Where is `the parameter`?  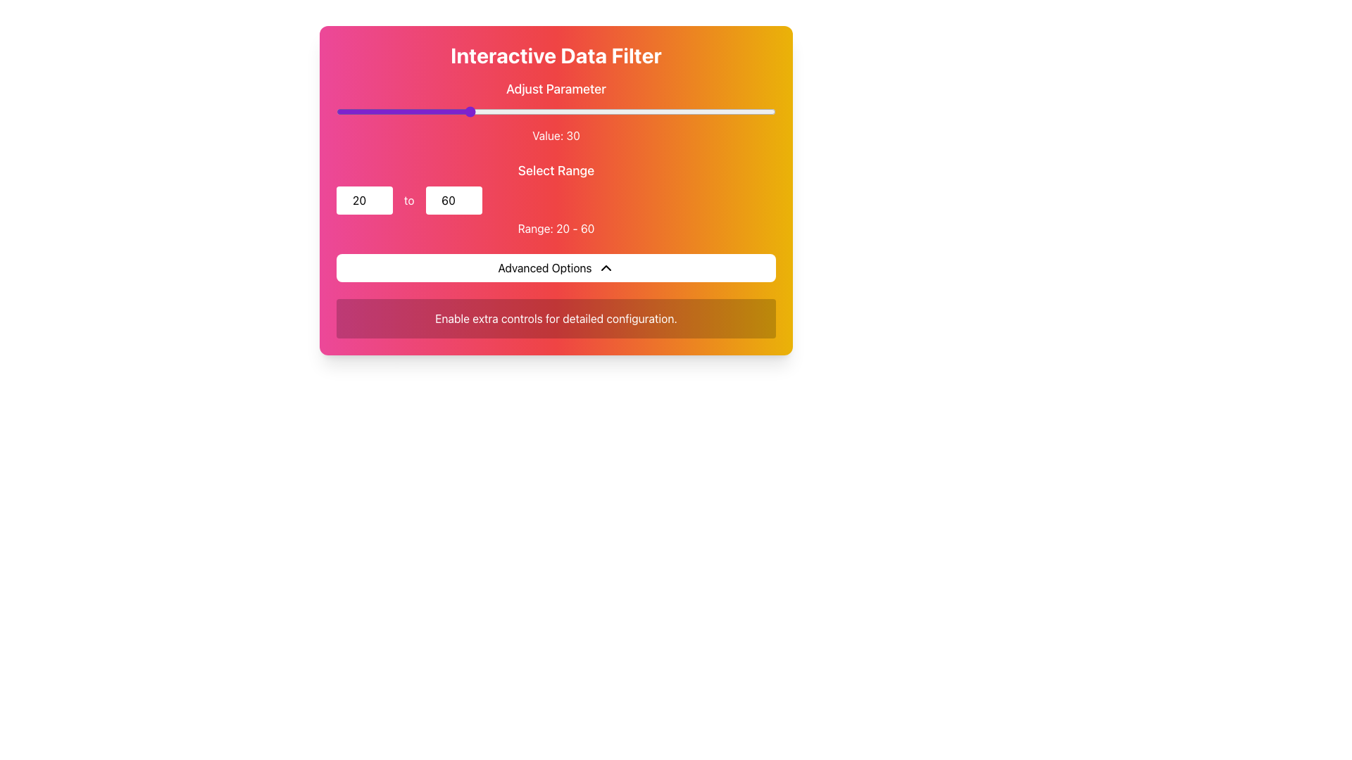 the parameter is located at coordinates (551, 110).